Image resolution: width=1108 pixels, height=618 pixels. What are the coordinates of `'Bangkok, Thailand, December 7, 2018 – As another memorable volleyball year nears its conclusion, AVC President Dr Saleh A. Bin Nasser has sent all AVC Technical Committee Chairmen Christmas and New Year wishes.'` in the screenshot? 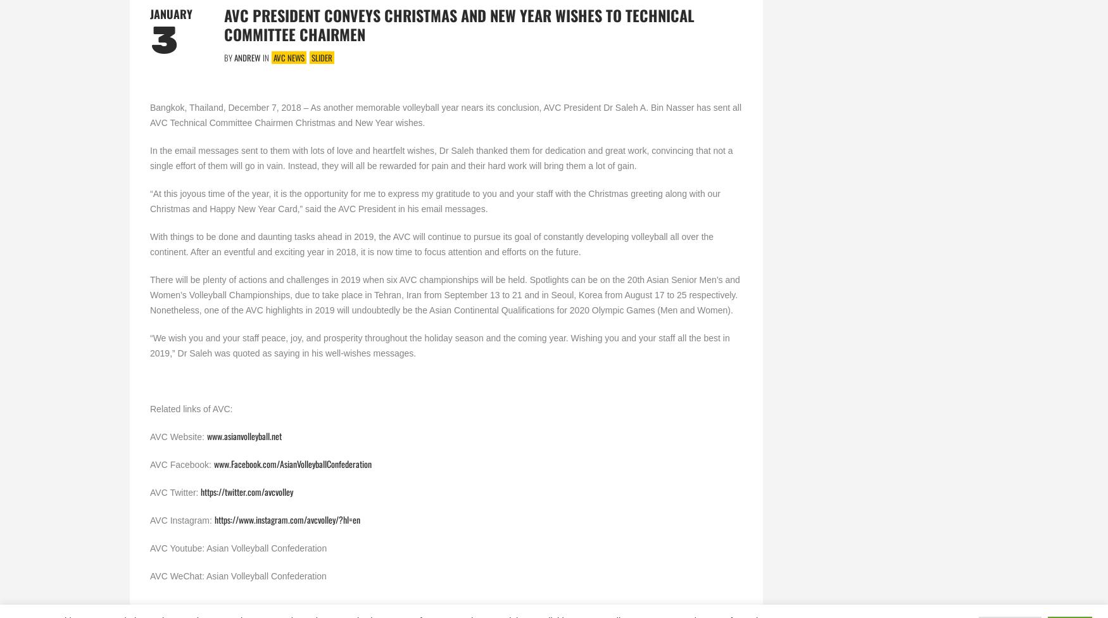 It's located at (446, 114).